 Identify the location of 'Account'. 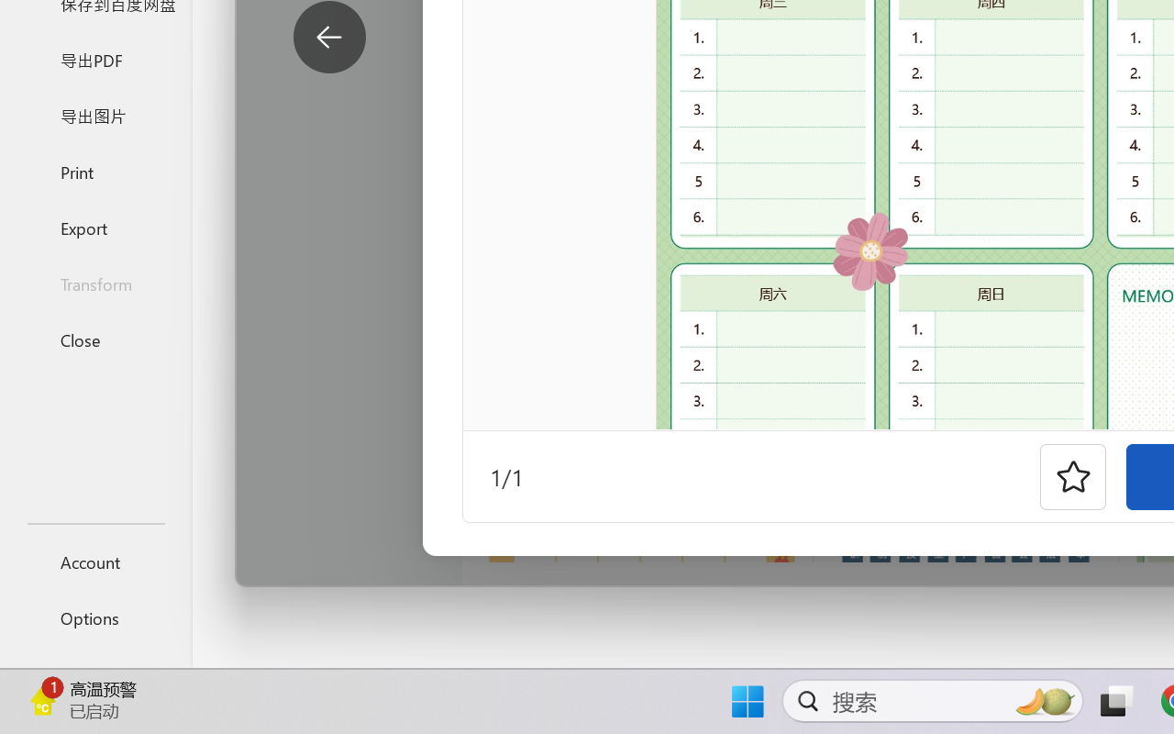
(94, 562).